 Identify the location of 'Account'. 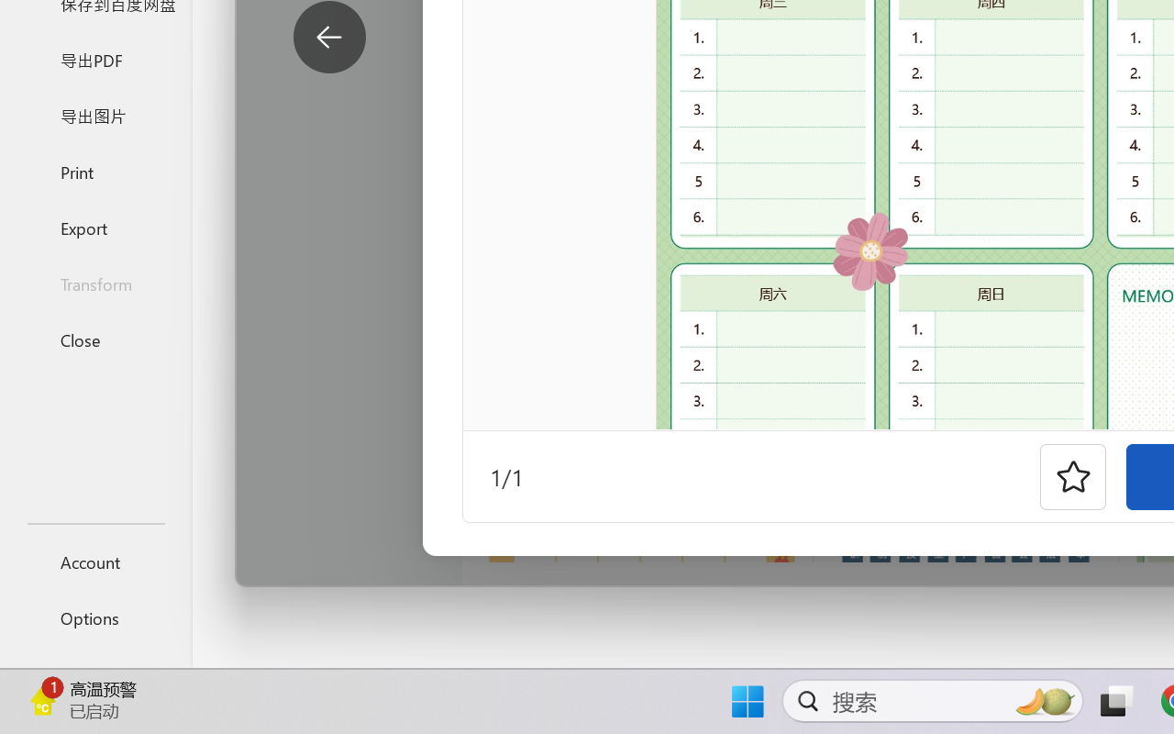
(94, 562).